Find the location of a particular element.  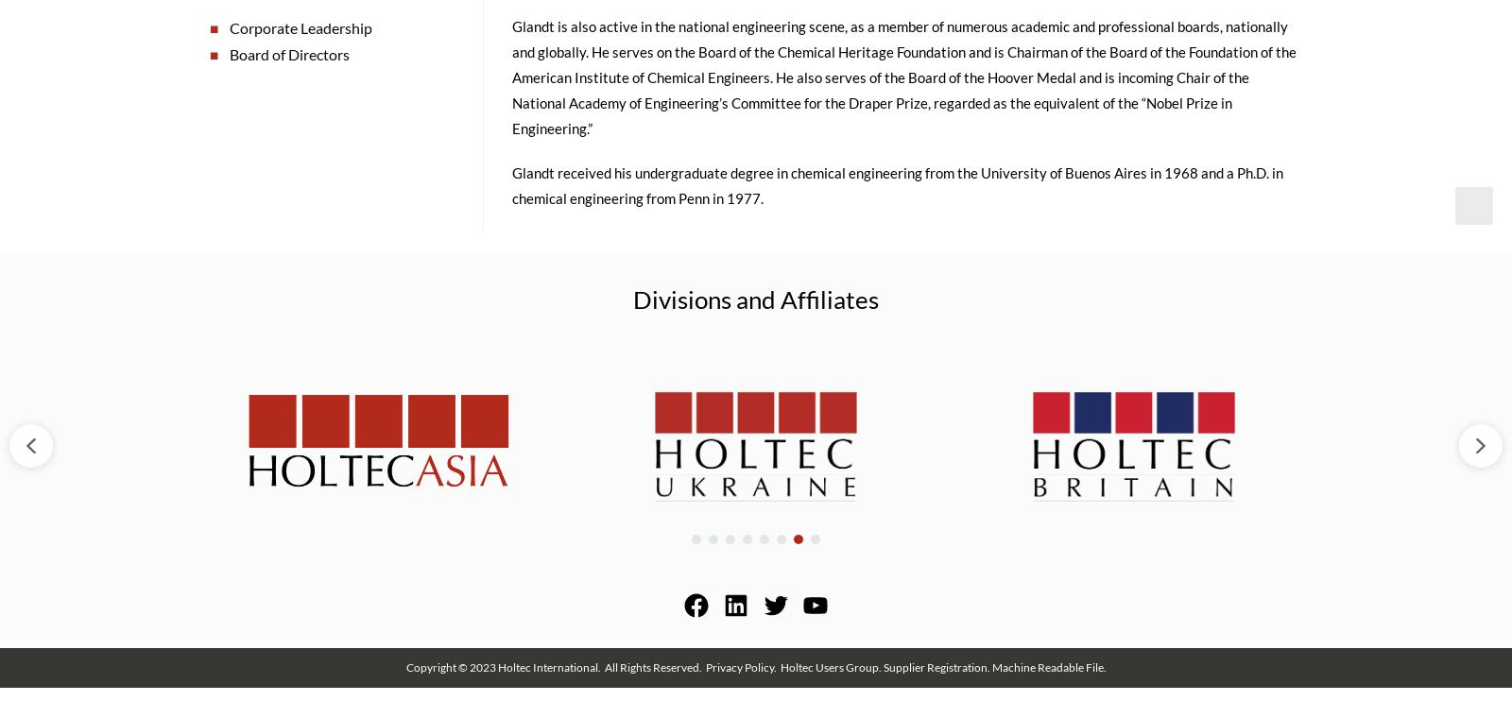

'Glandt received his undergraduate degree in chemical engineering from the University of Buenos Aires in 1968 and a Ph.D. in chemical engineering from Penn in 1977.' is located at coordinates (510, 191).